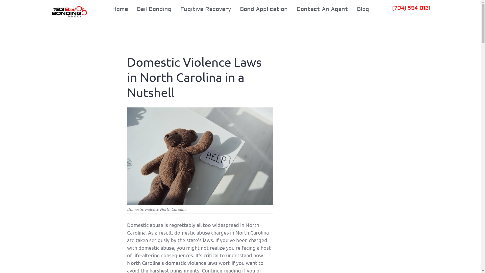  Describe the element at coordinates (48, 12) in the screenshot. I see `'123 Bail Bonding'` at that location.